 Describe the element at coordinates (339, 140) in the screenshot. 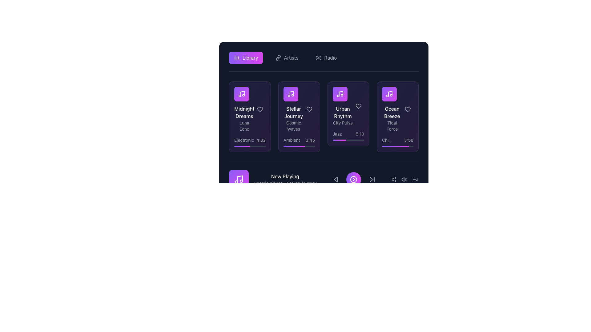

I see `the progress bar located in the third music card, positioned below the genre text 'Jazz' and above the duration '5:10'` at that location.